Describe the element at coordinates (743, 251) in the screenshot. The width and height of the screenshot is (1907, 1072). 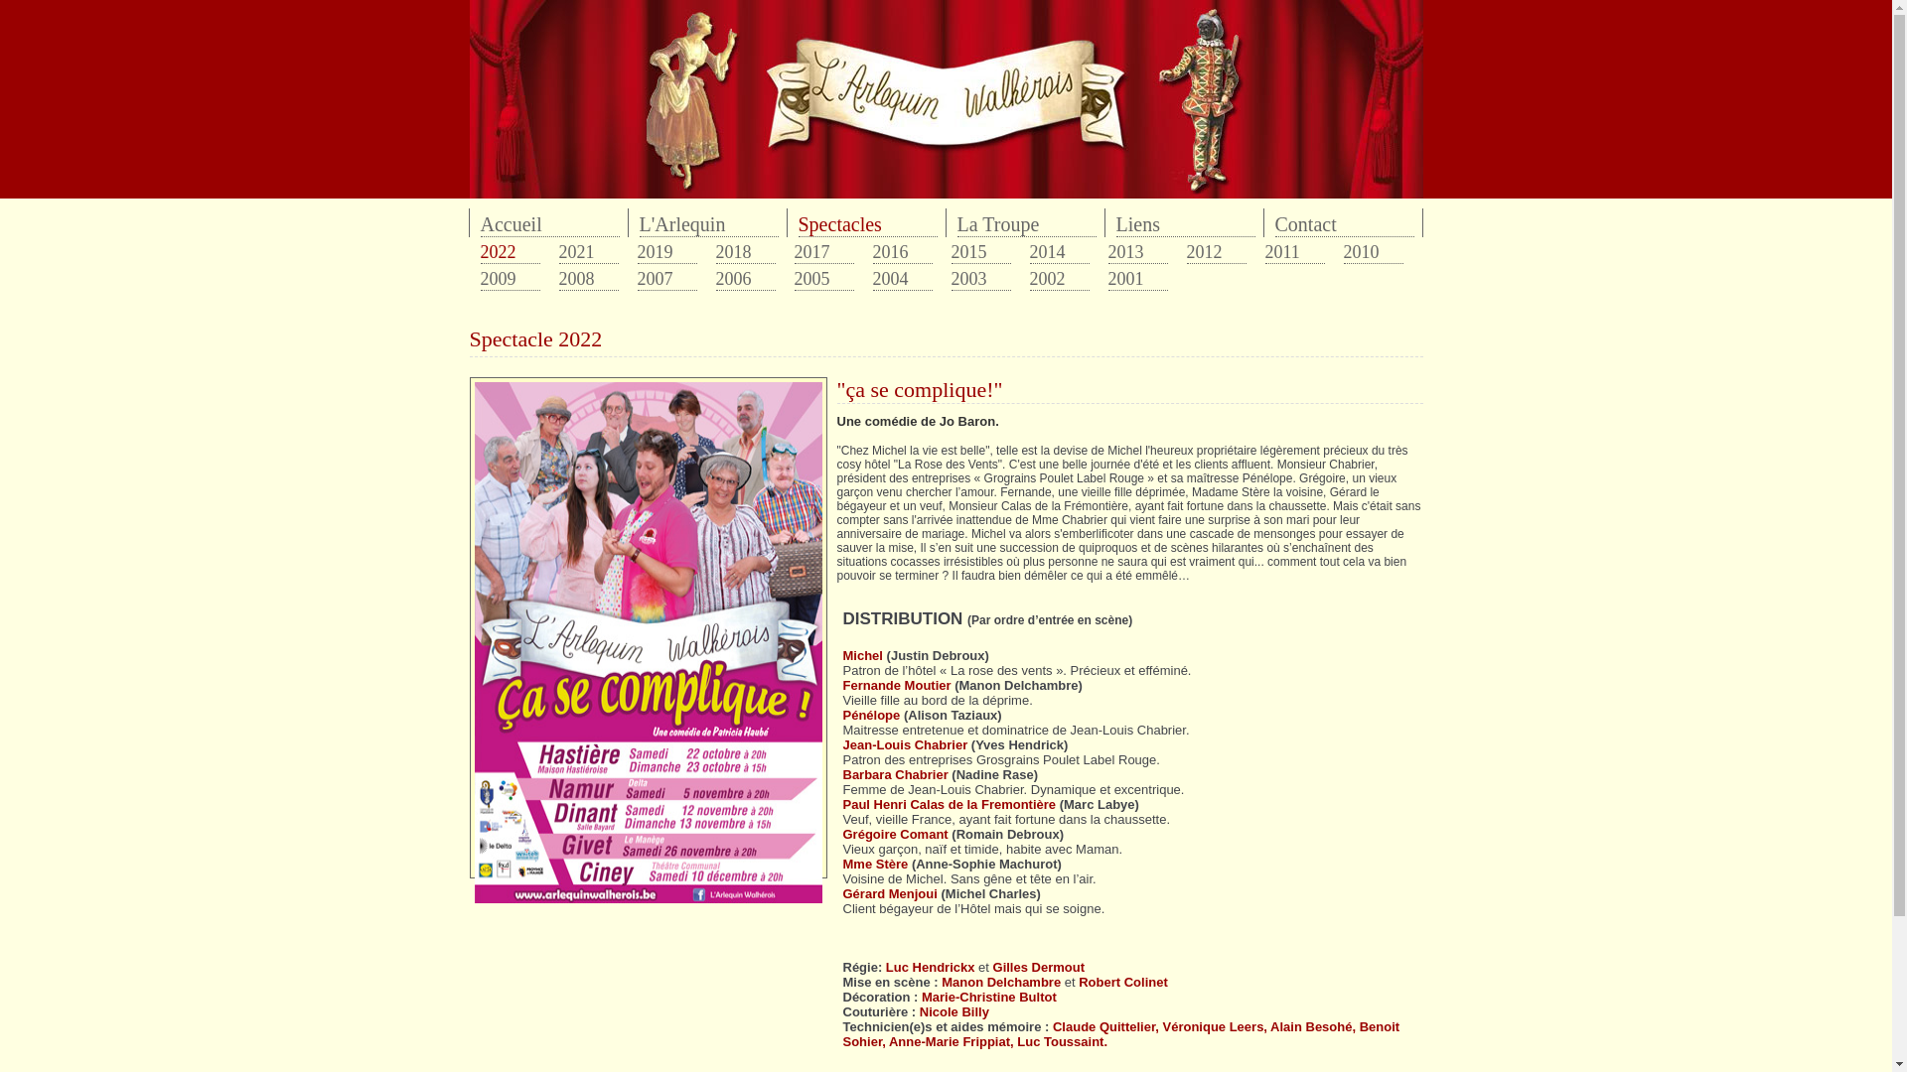
I see `'2018'` at that location.